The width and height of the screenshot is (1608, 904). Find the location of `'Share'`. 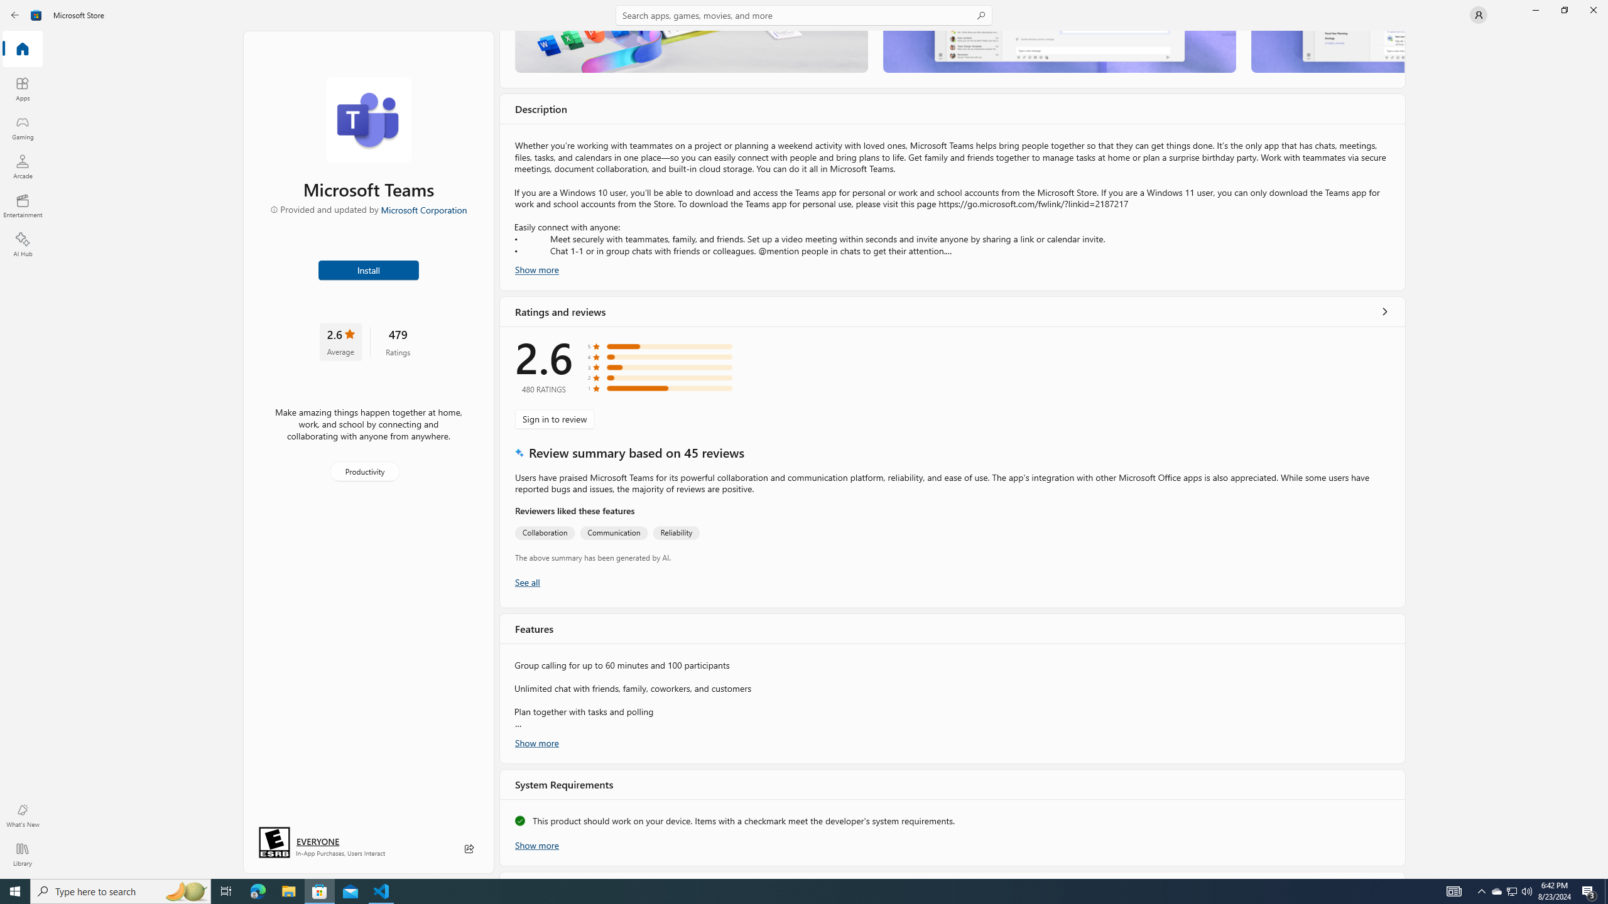

'Share' is located at coordinates (469, 848).